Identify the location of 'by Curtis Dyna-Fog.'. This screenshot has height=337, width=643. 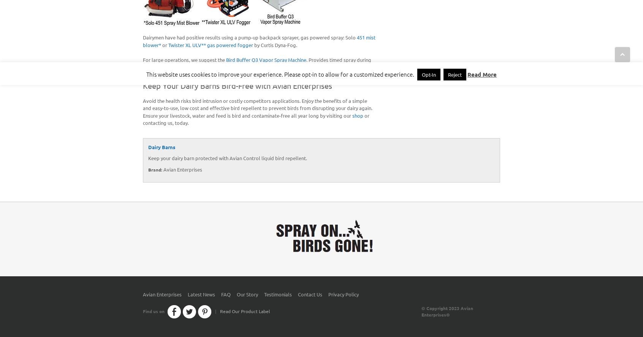
(275, 44).